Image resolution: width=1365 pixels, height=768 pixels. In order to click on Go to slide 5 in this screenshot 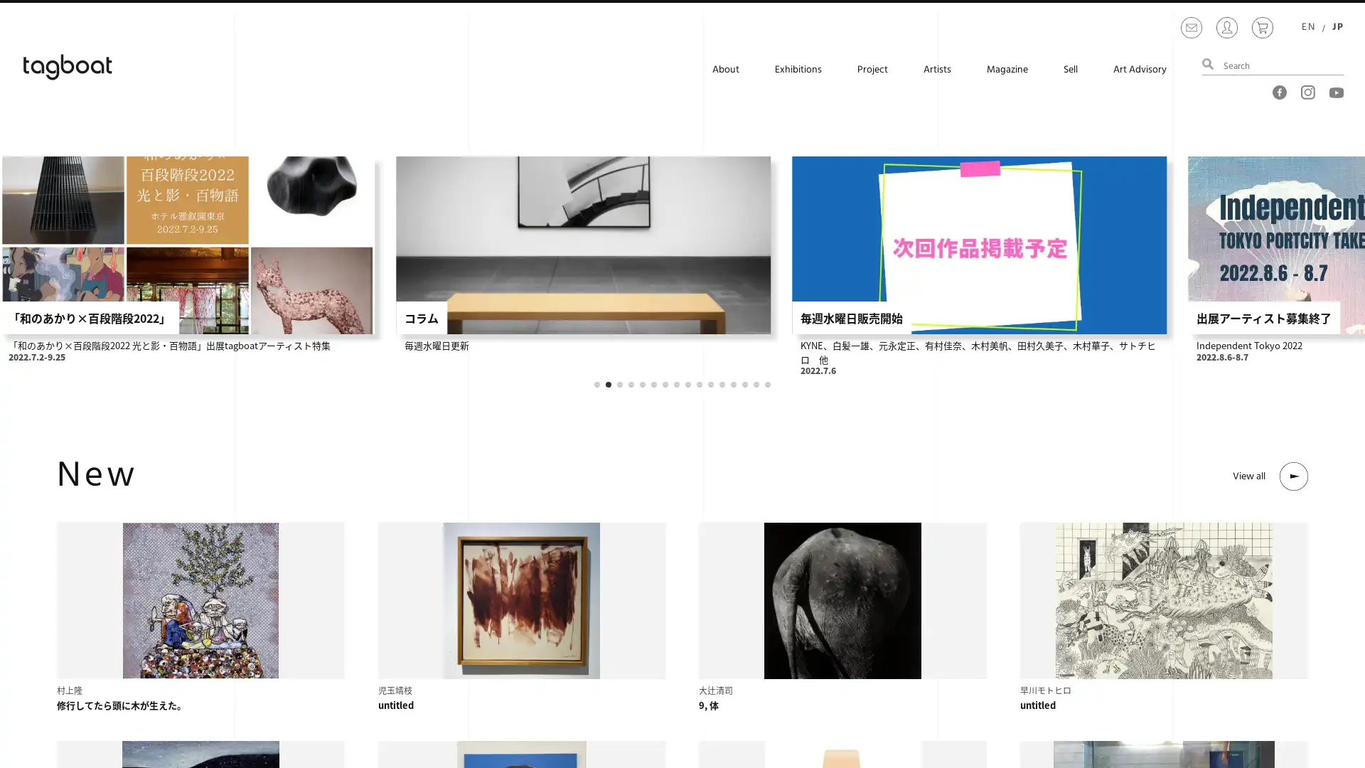, I will do `click(641, 384)`.